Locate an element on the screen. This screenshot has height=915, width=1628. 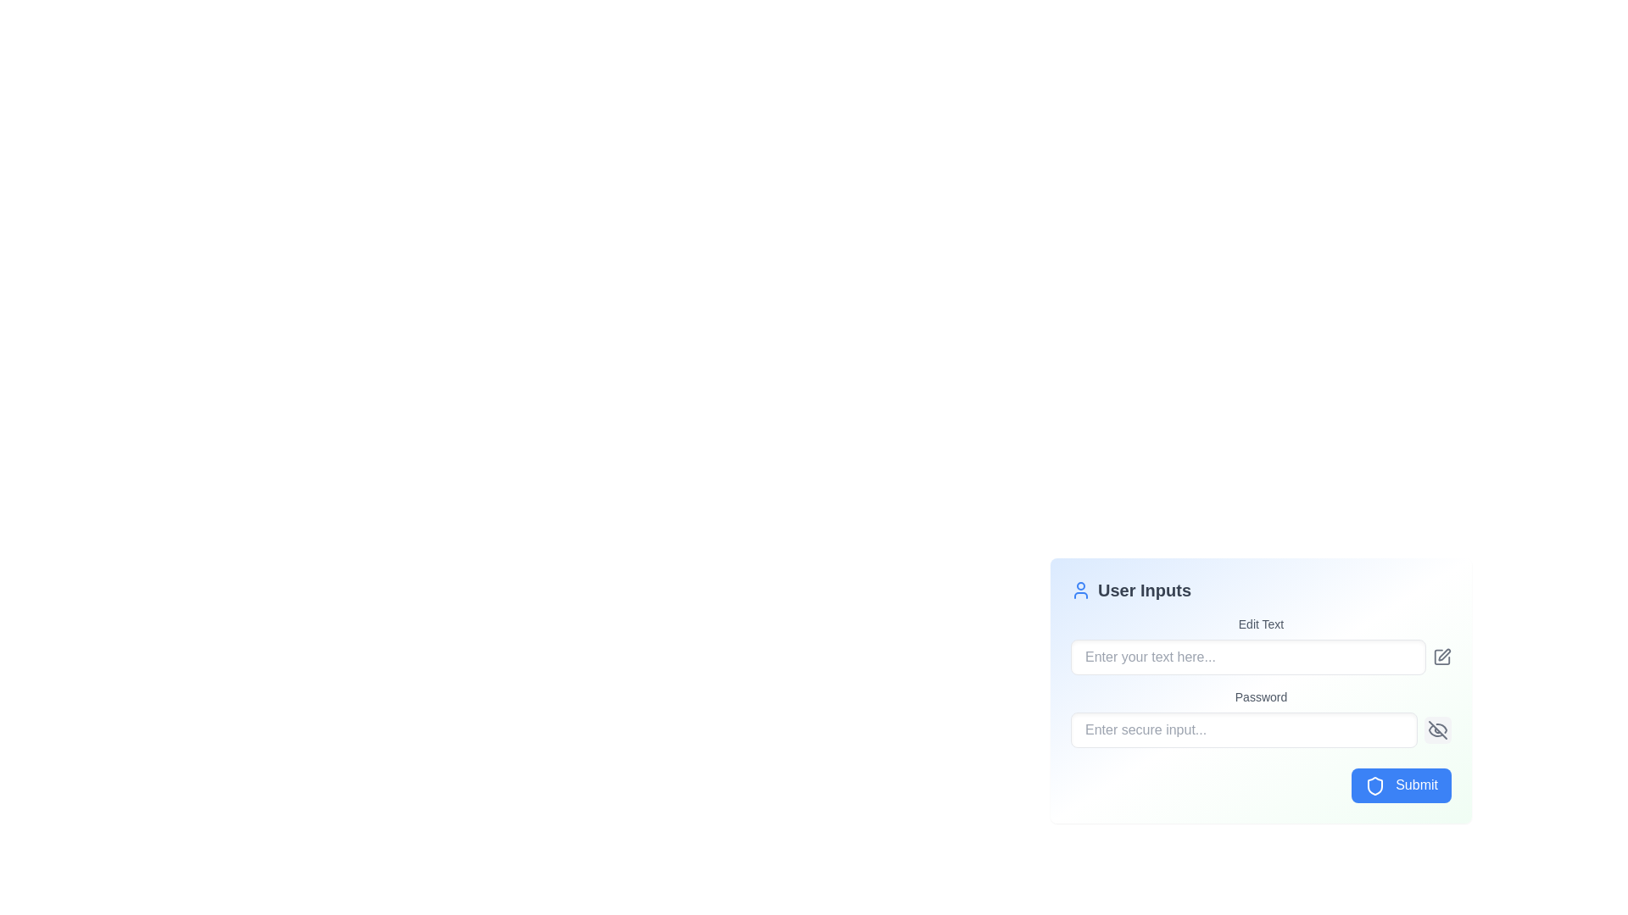
the gray vector graphic icon representing a pen or editing tool located within the 'Edit Text' field in the 'User Inputs' form is located at coordinates (1443, 654).